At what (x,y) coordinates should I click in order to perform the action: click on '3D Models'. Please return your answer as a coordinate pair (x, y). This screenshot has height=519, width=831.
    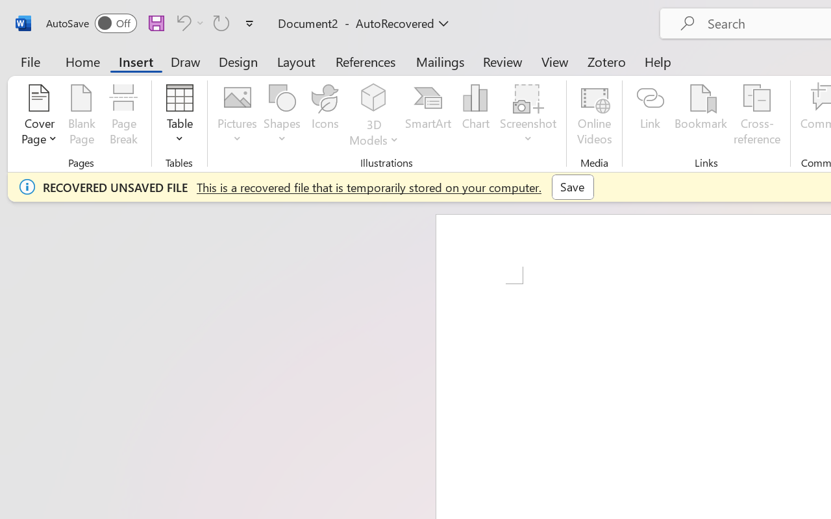
    Looking at the image, I should click on (373, 116).